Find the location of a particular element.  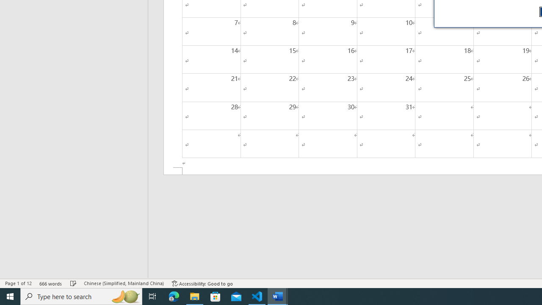

'File Explorer - 1 running window' is located at coordinates (194, 296).